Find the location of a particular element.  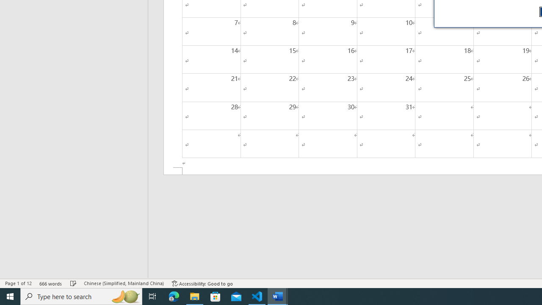

'File Explorer - 1 running window' is located at coordinates (194, 296).